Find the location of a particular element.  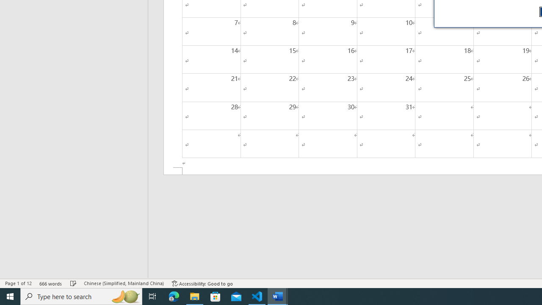

'File Explorer - 1 running window' is located at coordinates (194, 296).